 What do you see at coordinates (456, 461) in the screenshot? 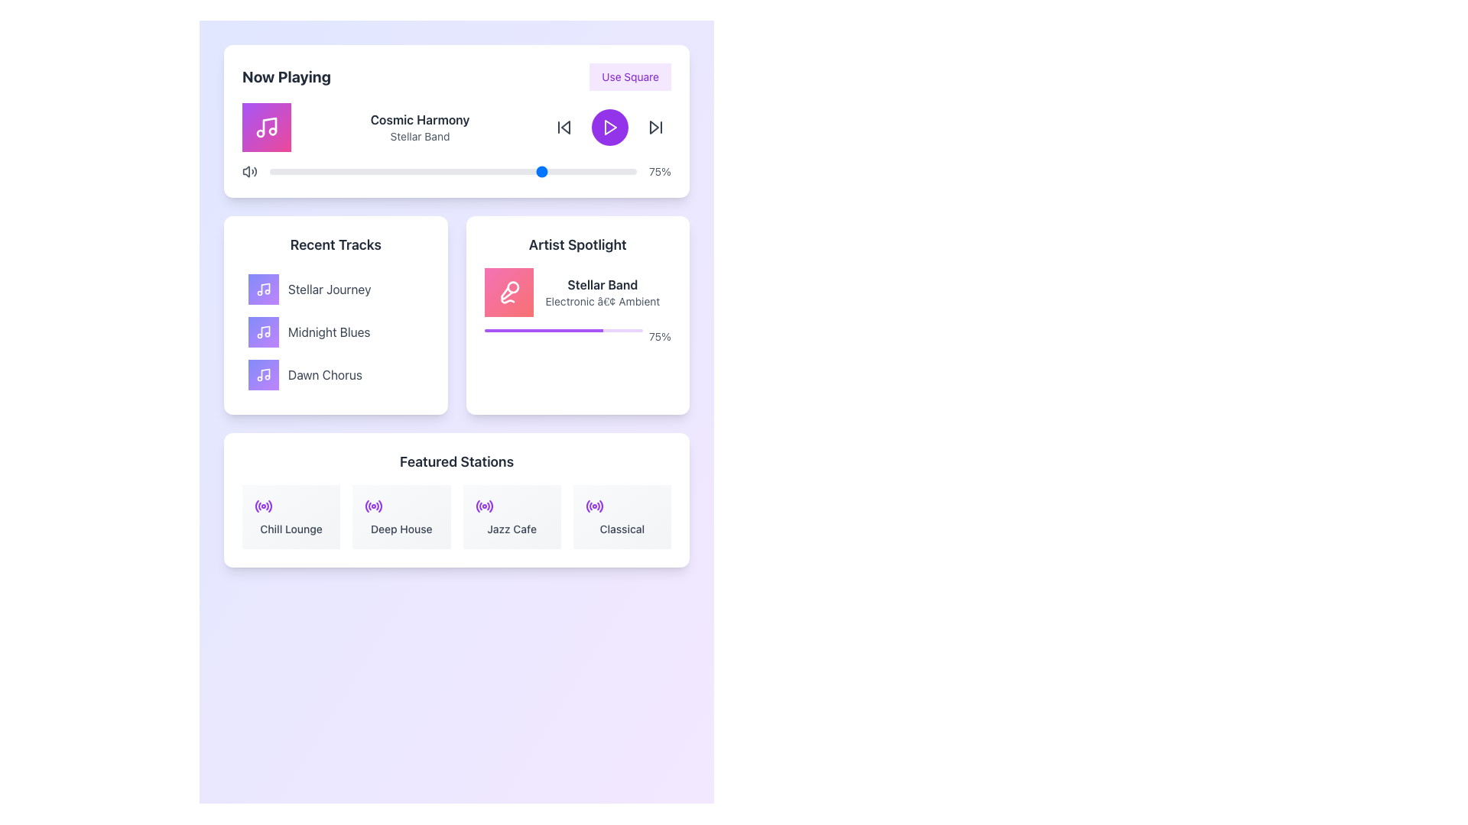
I see `the text label 'Featured Stations' which serves as the header for the section showcasing music stations, located in the lower half of the interface` at bounding box center [456, 461].